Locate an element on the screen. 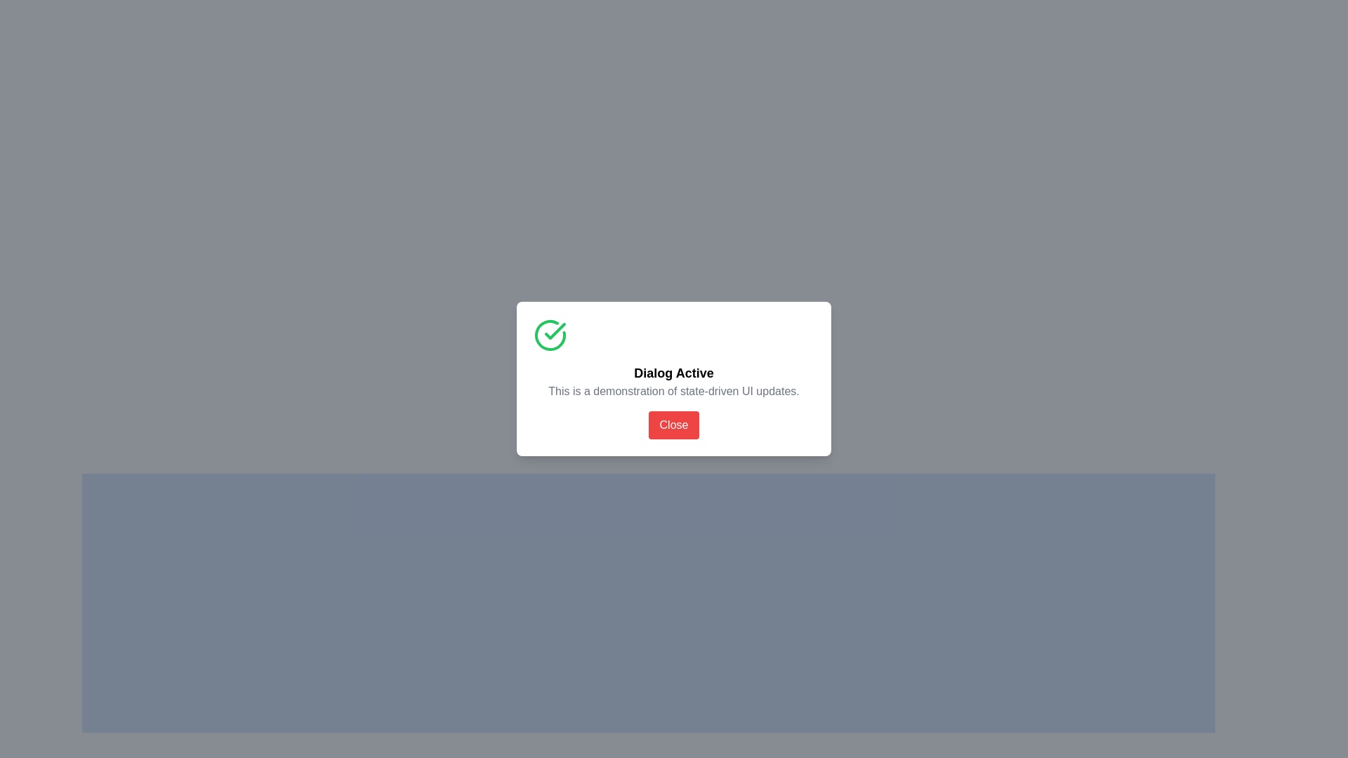  the text component displaying 'Dialog Active' which is centrally positioned within the dialog box, below a green check icon and above a descriptive text block is located at coordinates (674, 373).